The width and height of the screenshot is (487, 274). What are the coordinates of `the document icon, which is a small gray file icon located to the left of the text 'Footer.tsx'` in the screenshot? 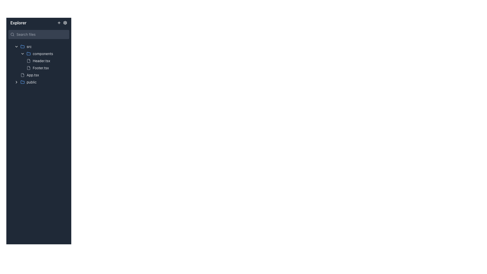 It's located at (28, 67).